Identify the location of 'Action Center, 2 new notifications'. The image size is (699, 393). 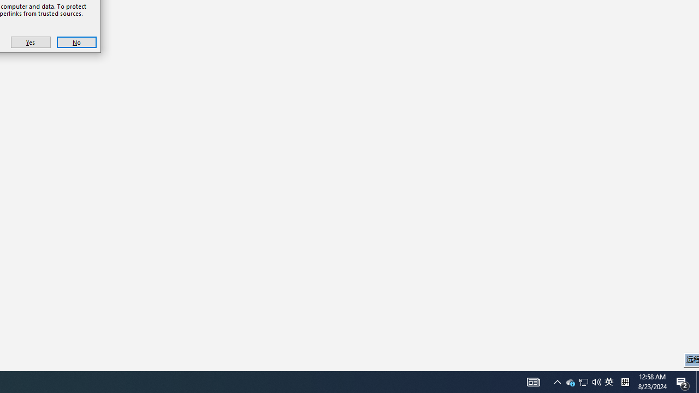
(683, 381).